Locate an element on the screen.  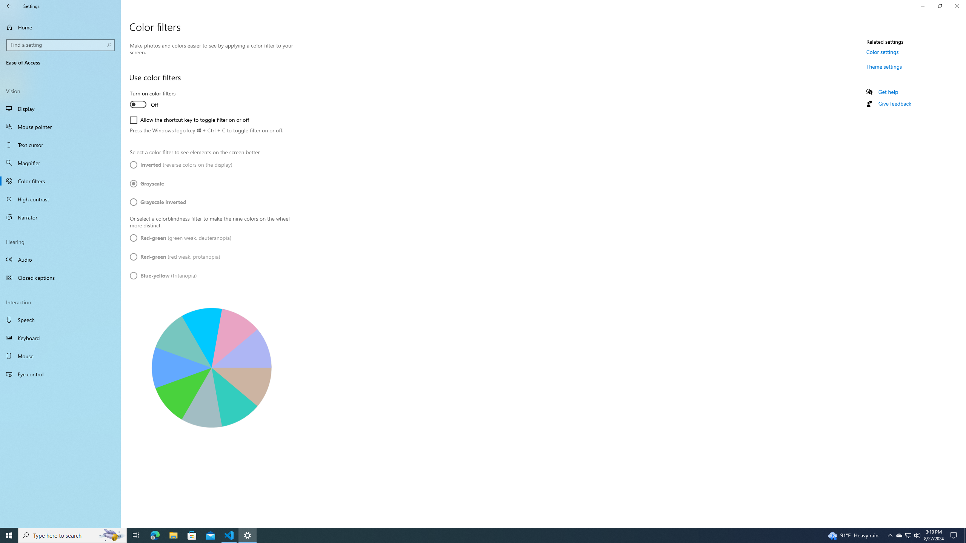
'Allow the shortcut key to toggle filter on or off' is located at coordinates (189, 120).